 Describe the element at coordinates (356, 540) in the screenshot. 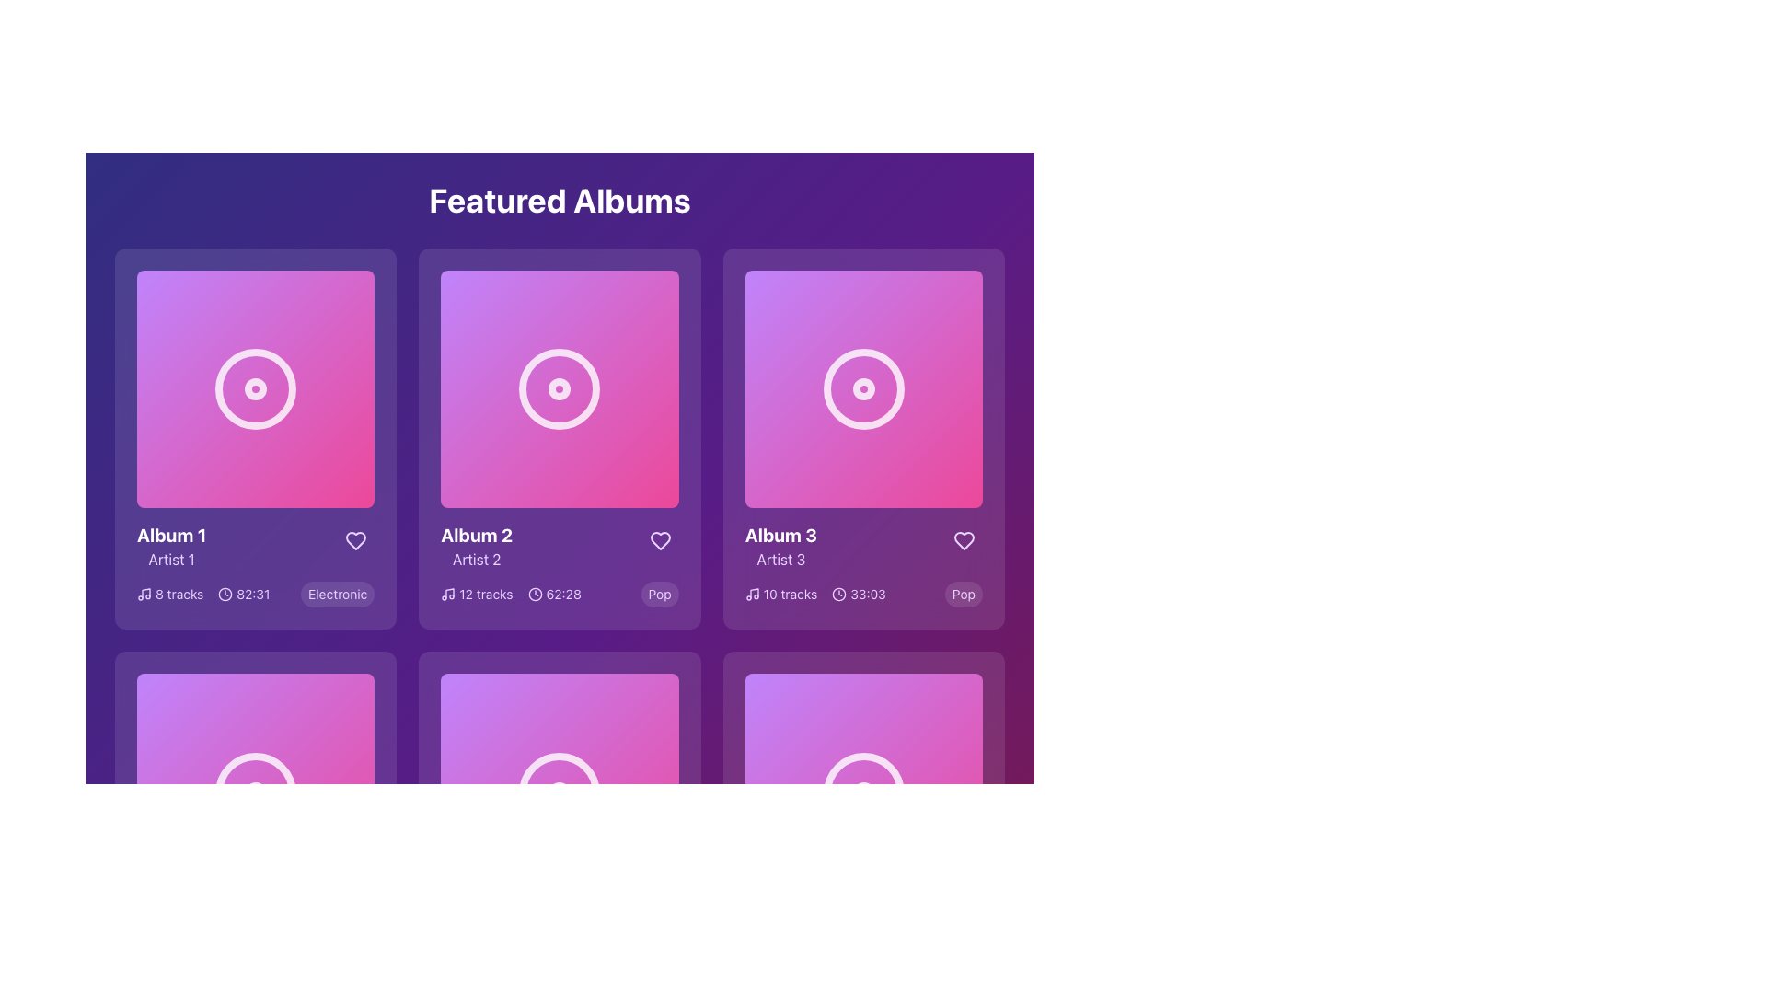

I see `the heart-shaped icon button filled with purple hue located at the bottom-right corner of the 'Album 1' card` at that location.